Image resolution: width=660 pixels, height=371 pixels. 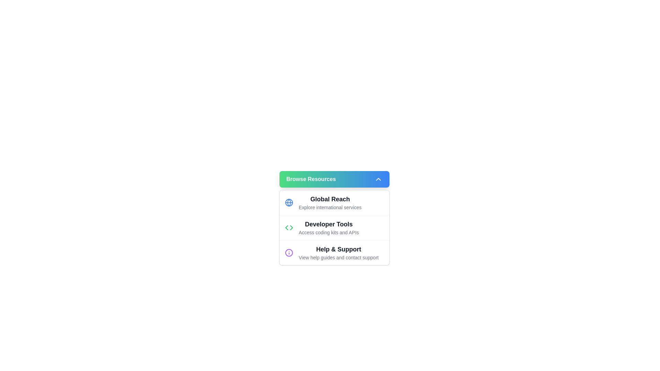 What do you see at coordinates (291, 228) in the screenshot?
I see `the second triangle in the left-right arrow SVG icon representing navigation or coding tools` at bounding box center [291, 228].